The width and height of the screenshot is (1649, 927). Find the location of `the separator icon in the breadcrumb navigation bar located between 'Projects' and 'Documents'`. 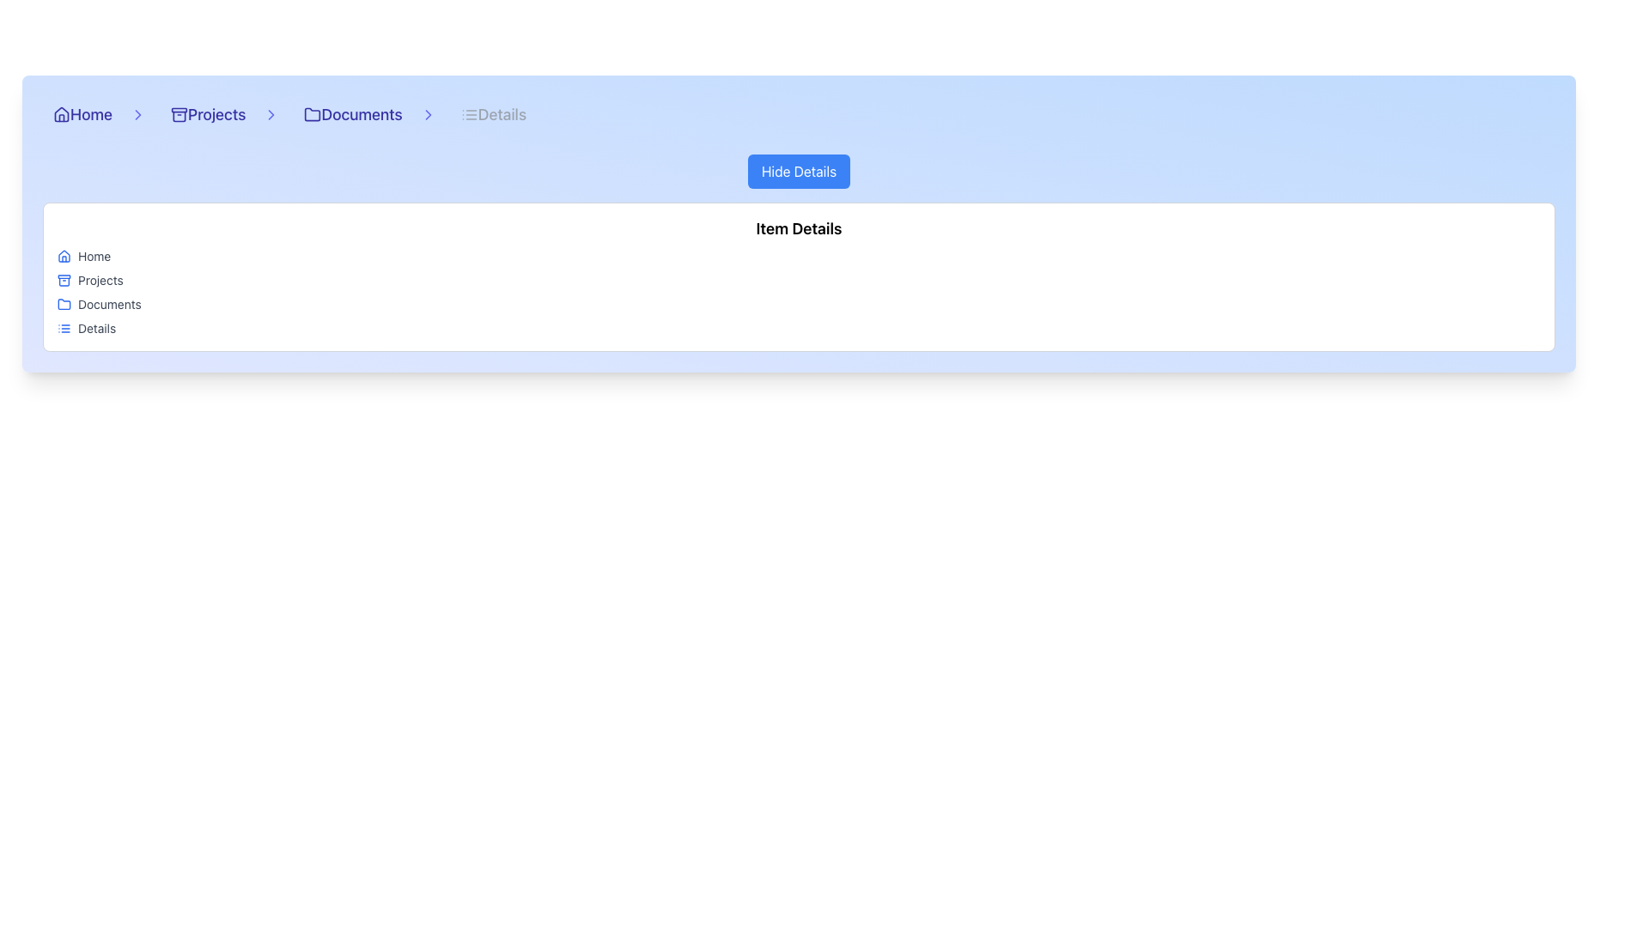

the separator icon in the breadcrumb navigation bar located between 'Projects' and 'Documents' is located at coordinates (271, 115).